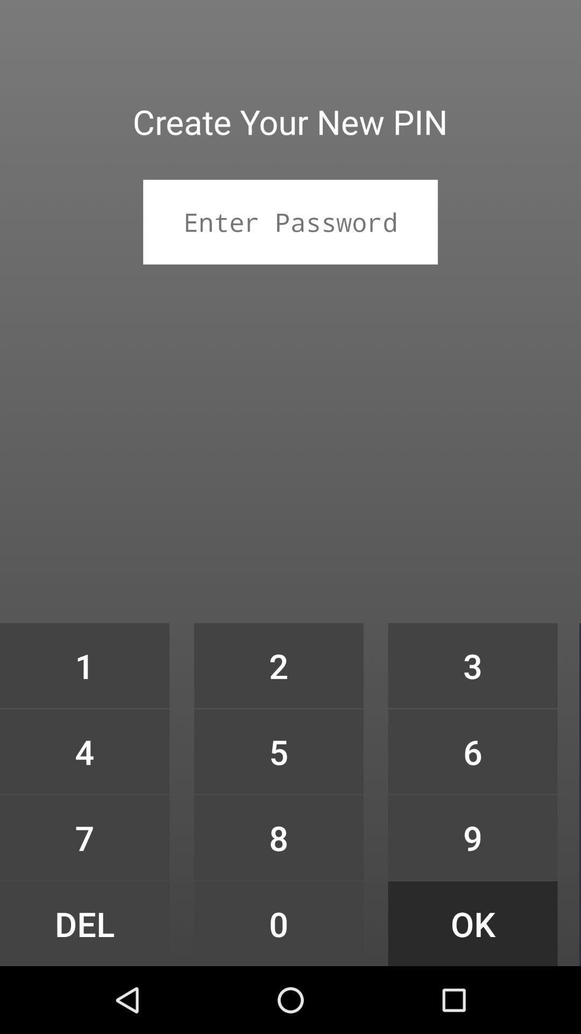 This screenshot has width=581, height=1034. Describe the element at coordinates (472, 665) in the screenshot. I see `3 item` at that location.